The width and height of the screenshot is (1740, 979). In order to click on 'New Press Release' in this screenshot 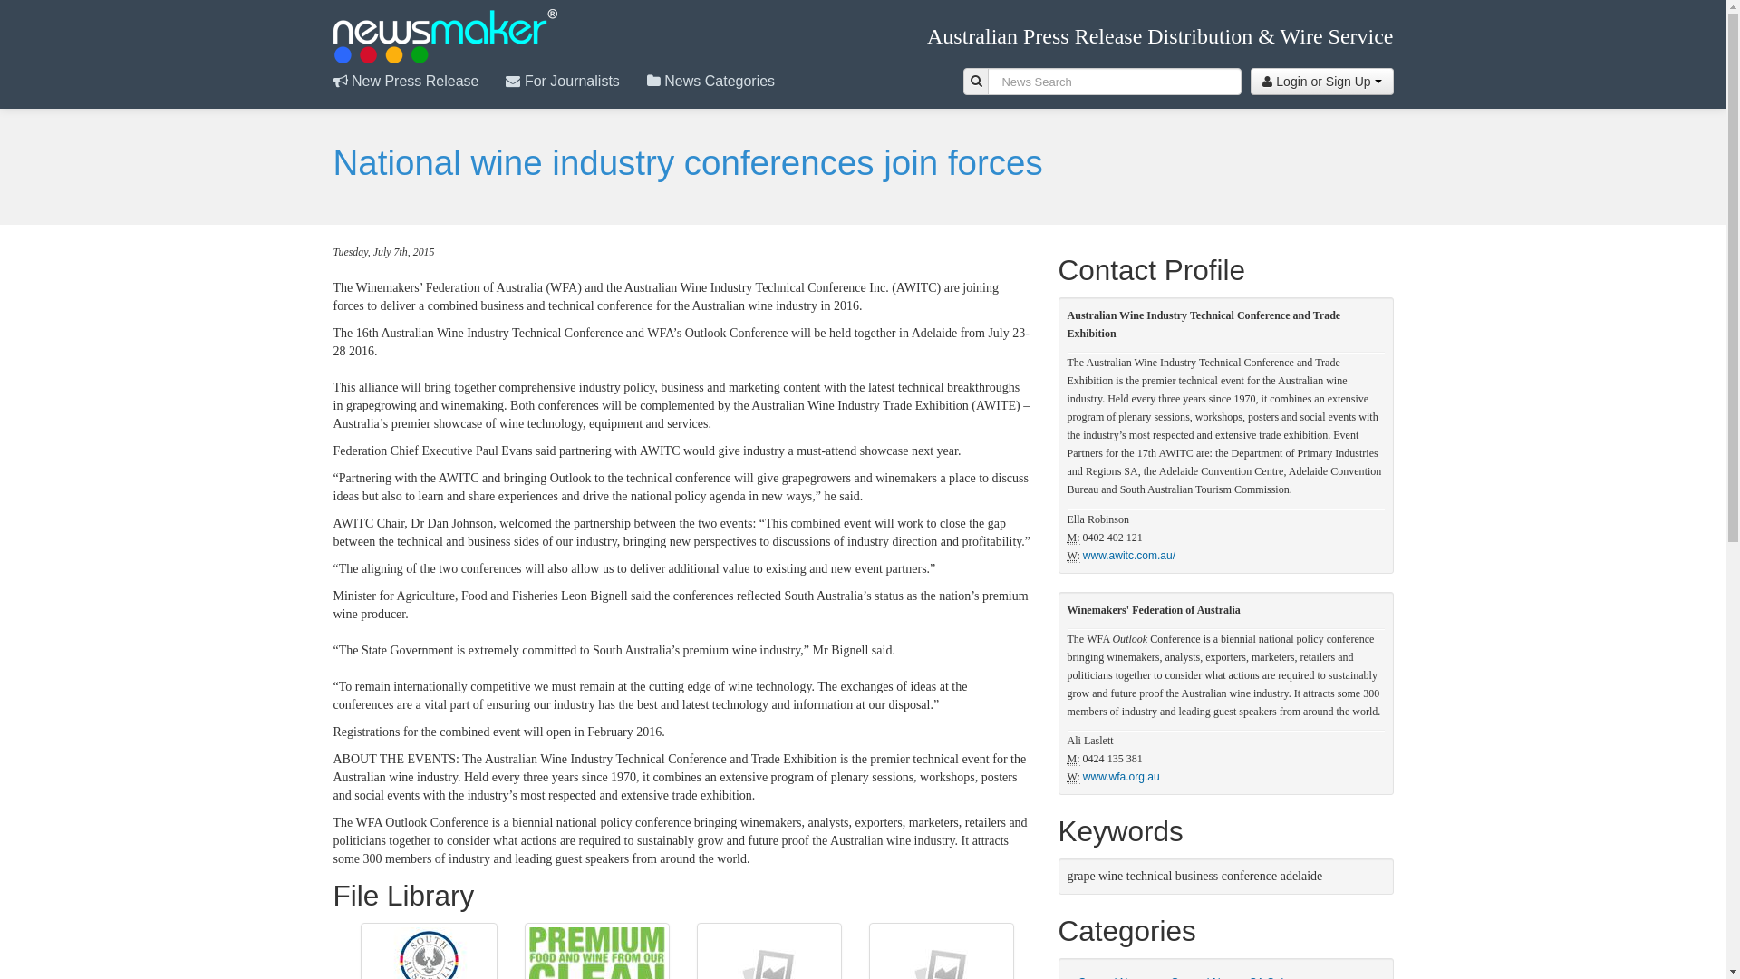, I will do `click(419, 80)`.